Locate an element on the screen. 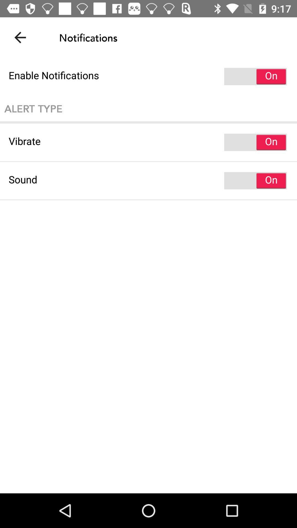 Image resolution: width=297 pixels, height=528 pixels. icon next to the notifications item is located at coordinates (20, 37).